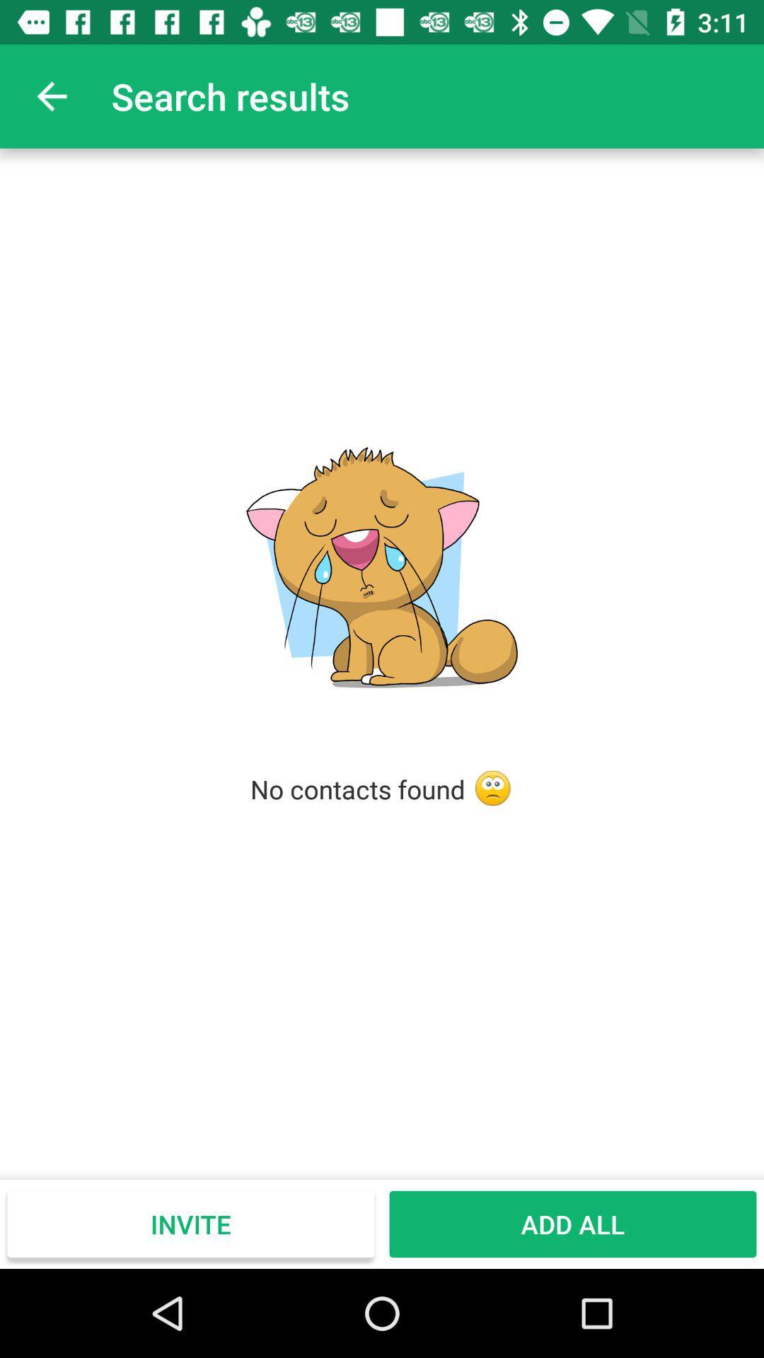 This screenshot has width=764, height=1358. I want to click on item at the bottom right corner, so click(573, 1224).